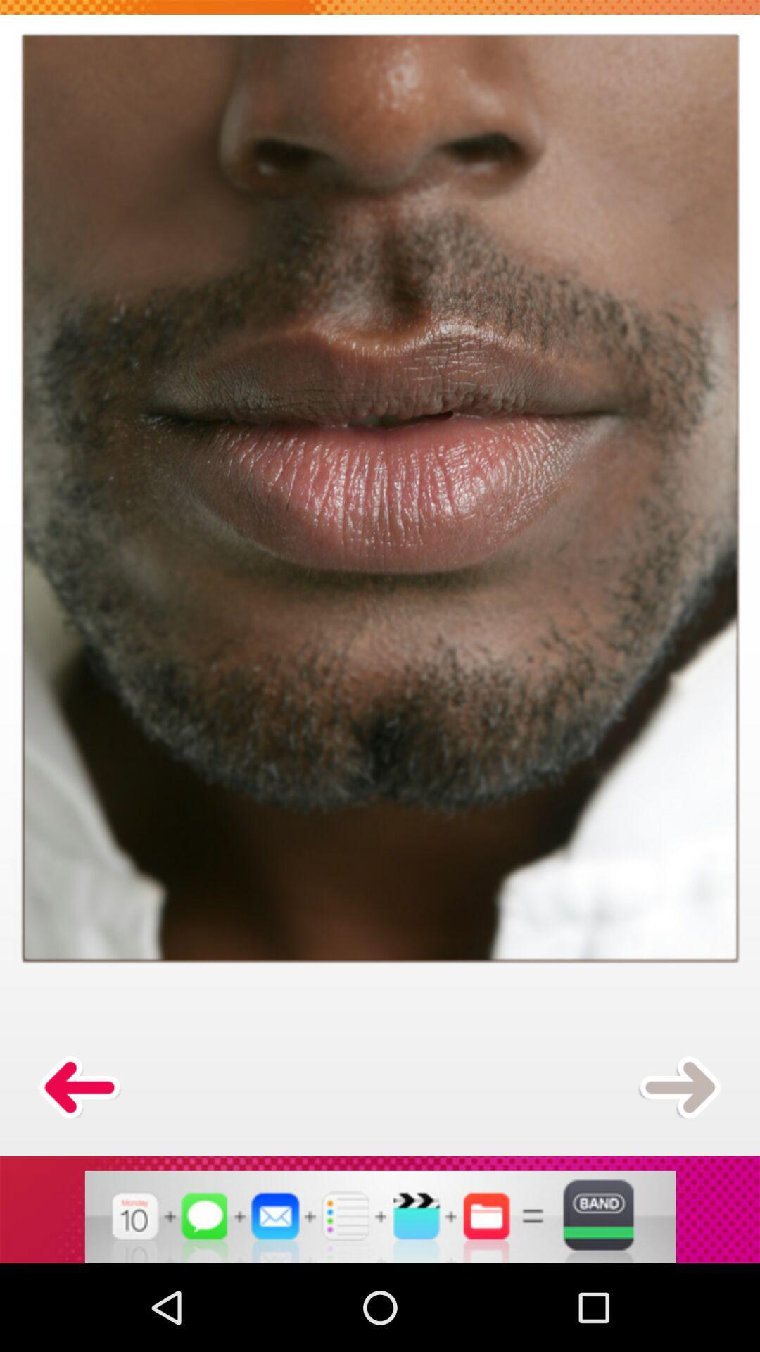 The image size is (760, 1352). Describe the element at coordinates (77, 1163) in the screenshot. I see `the arrow_backward icon` at that location.